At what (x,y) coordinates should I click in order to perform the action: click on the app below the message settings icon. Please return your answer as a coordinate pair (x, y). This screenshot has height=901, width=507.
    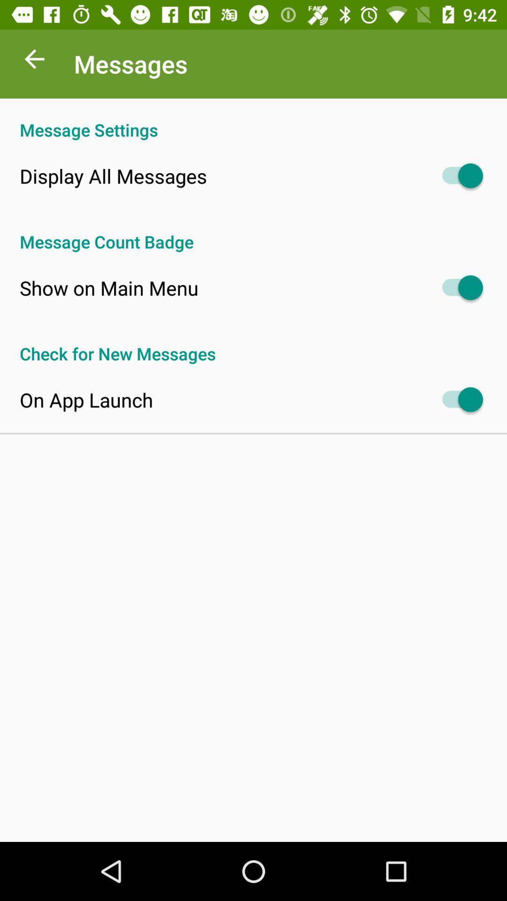
    Looking at the image, I should click on (113, 176).